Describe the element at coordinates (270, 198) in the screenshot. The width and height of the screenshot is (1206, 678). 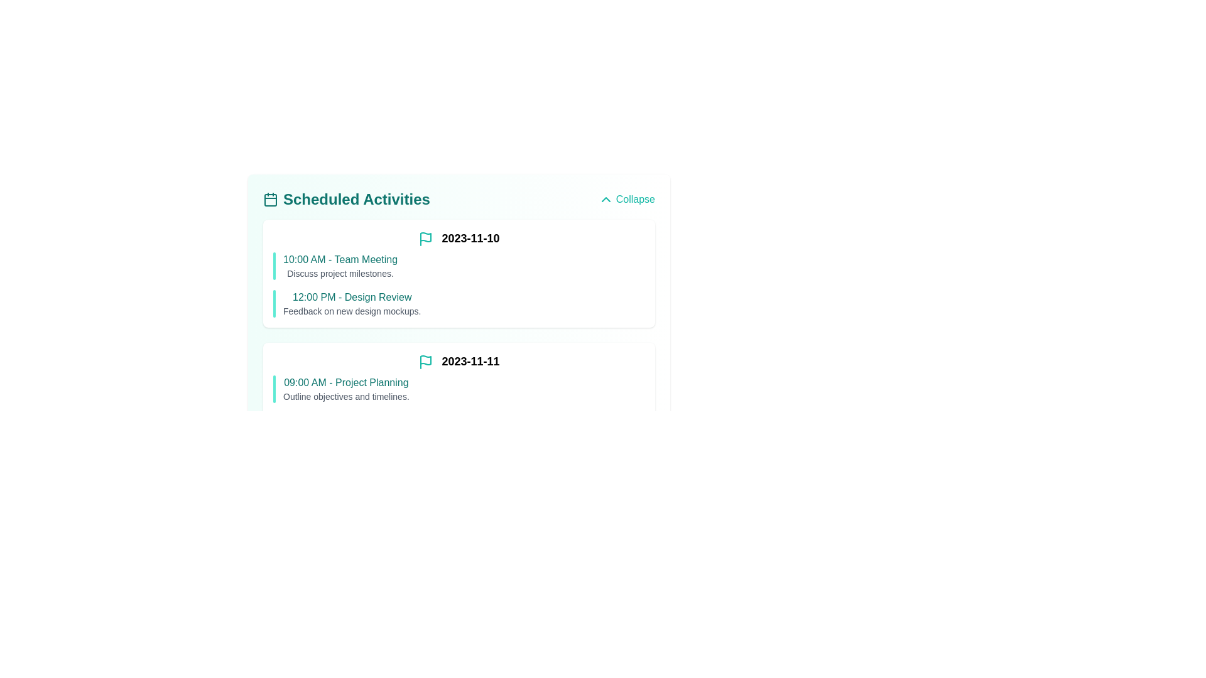
I see `the teal outlined calendar icon located to the left of the 'Scheduled Activities' header` at that location.